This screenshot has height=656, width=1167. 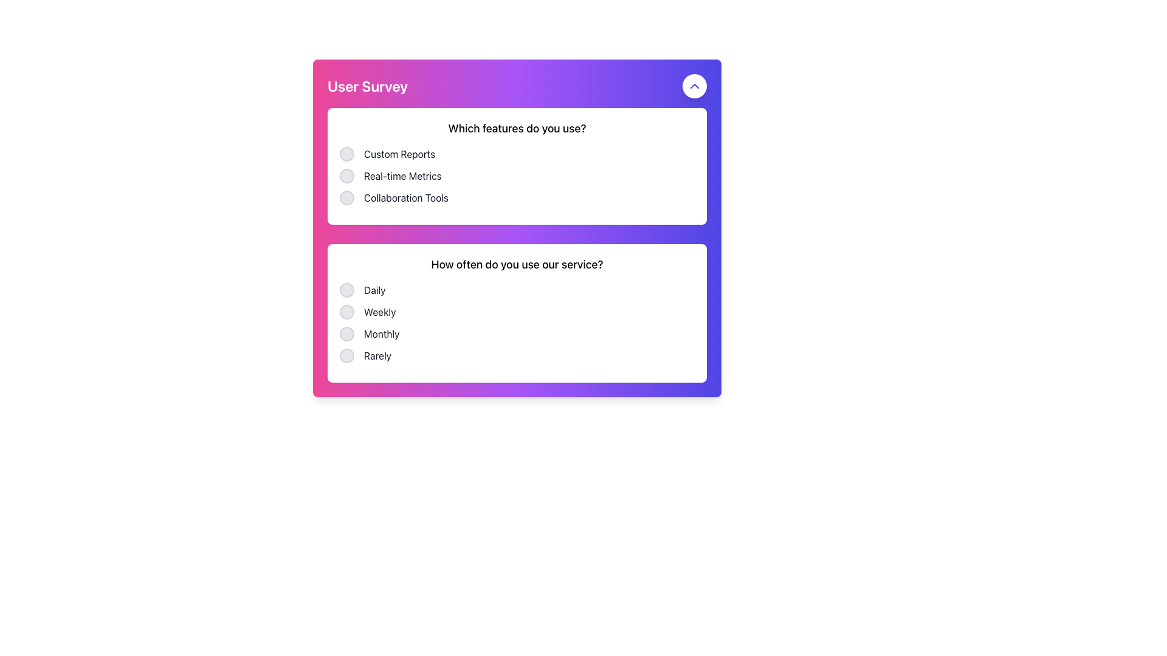 What do you see at coordinates (374, 290) in the screenshot?
I see `the text label displaying 'Daily' in dark gray color, which is positioned next to a circular radio button on its left` at bounding box center [374, 290].